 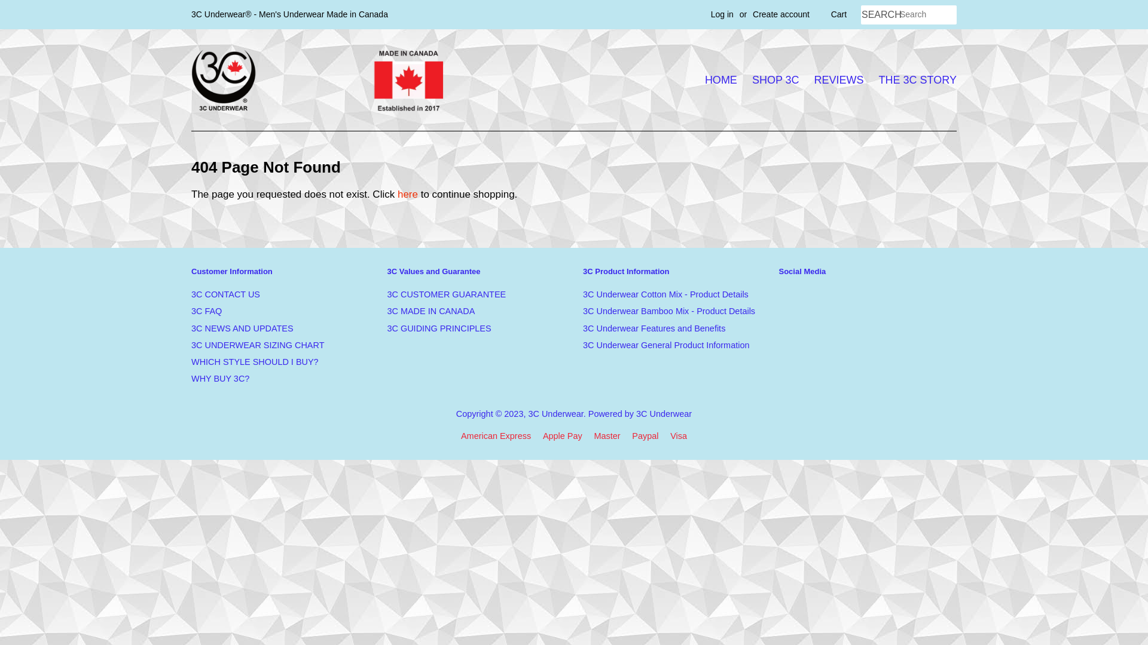 What do you see at coordinates (831, 14) in the screenshot?
I see `'Cart'` at bounding box center [831, 14].